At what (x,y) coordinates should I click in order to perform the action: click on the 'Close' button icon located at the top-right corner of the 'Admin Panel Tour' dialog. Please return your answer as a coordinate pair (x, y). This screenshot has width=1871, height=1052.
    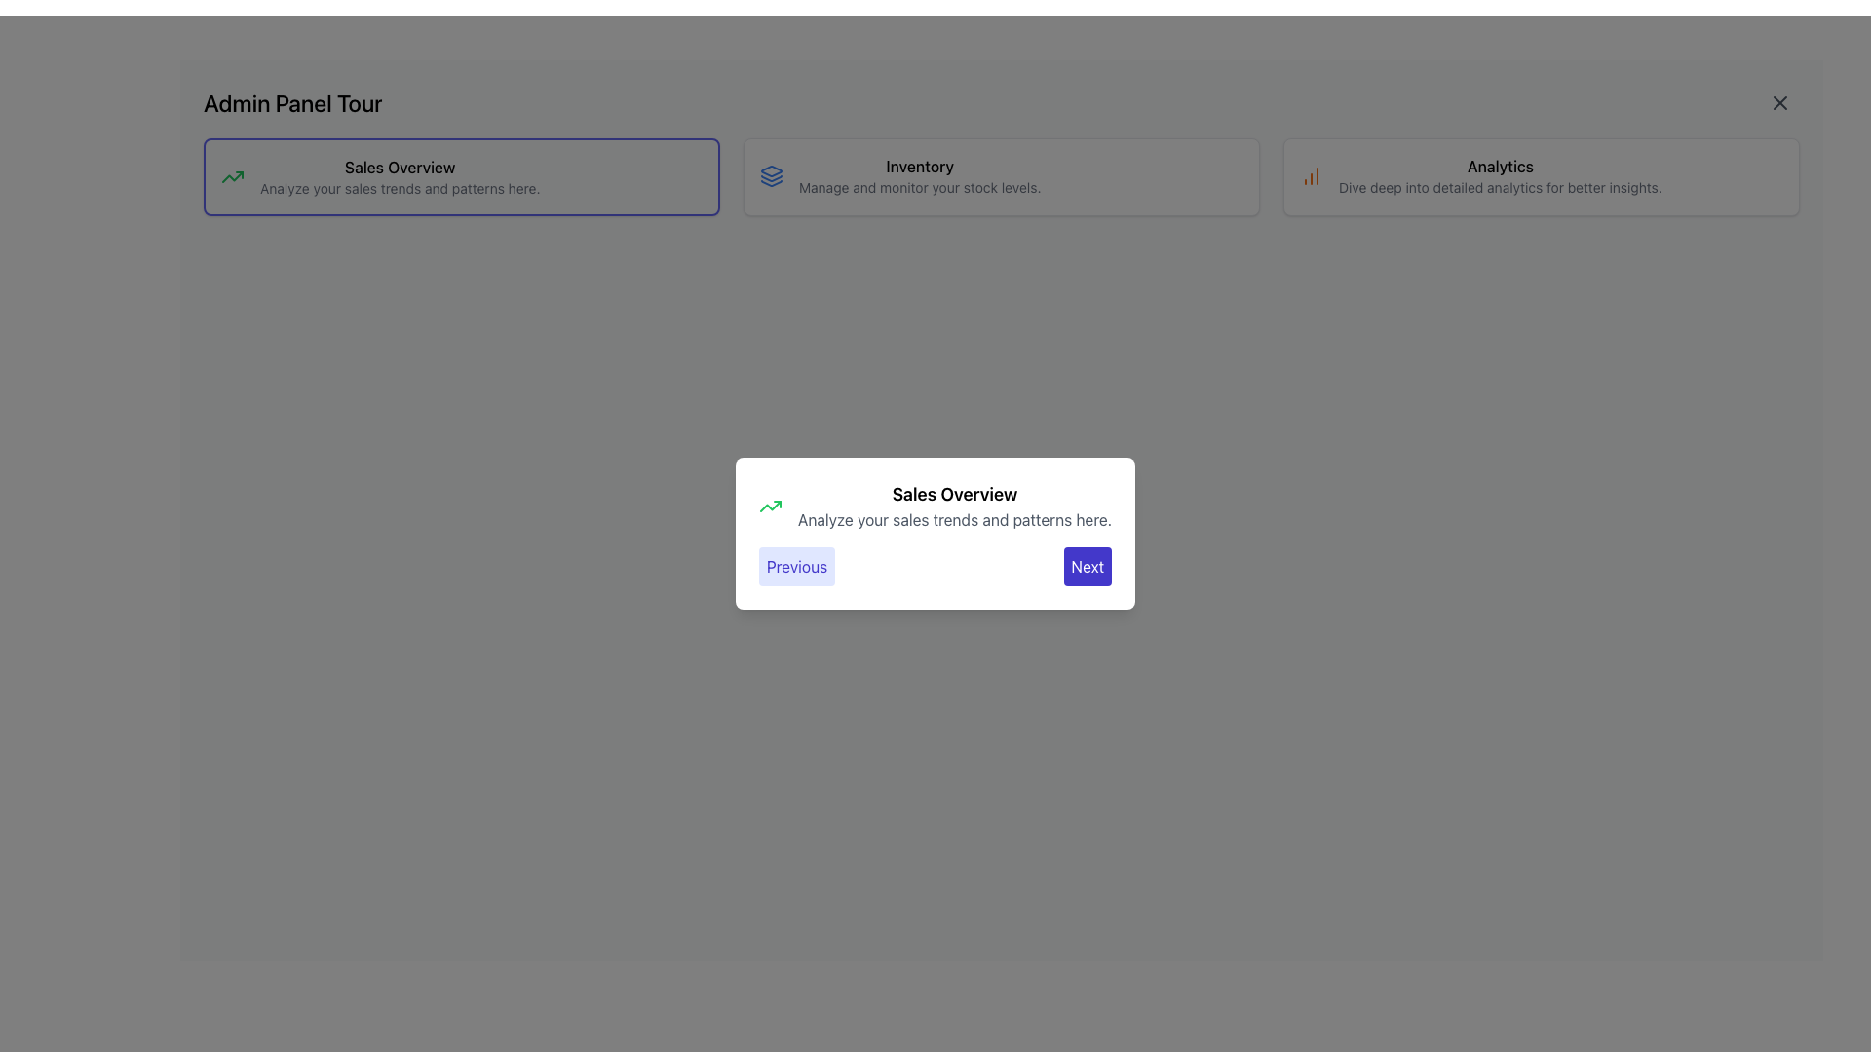
    Looking at the image, I should click on (1780, 102).